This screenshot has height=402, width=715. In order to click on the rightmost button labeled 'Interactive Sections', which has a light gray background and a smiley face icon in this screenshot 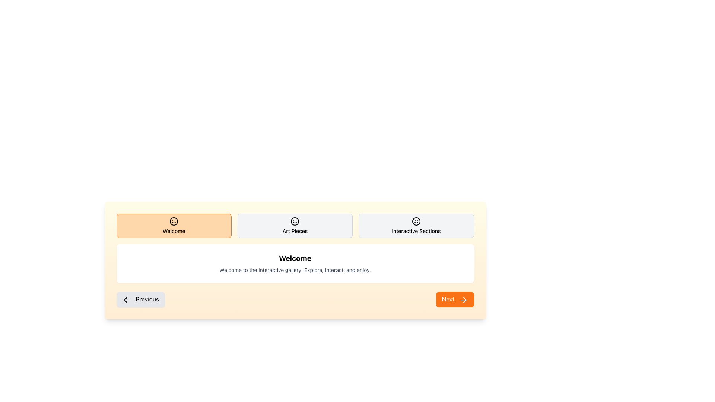, I will do `click(416, 225)`.